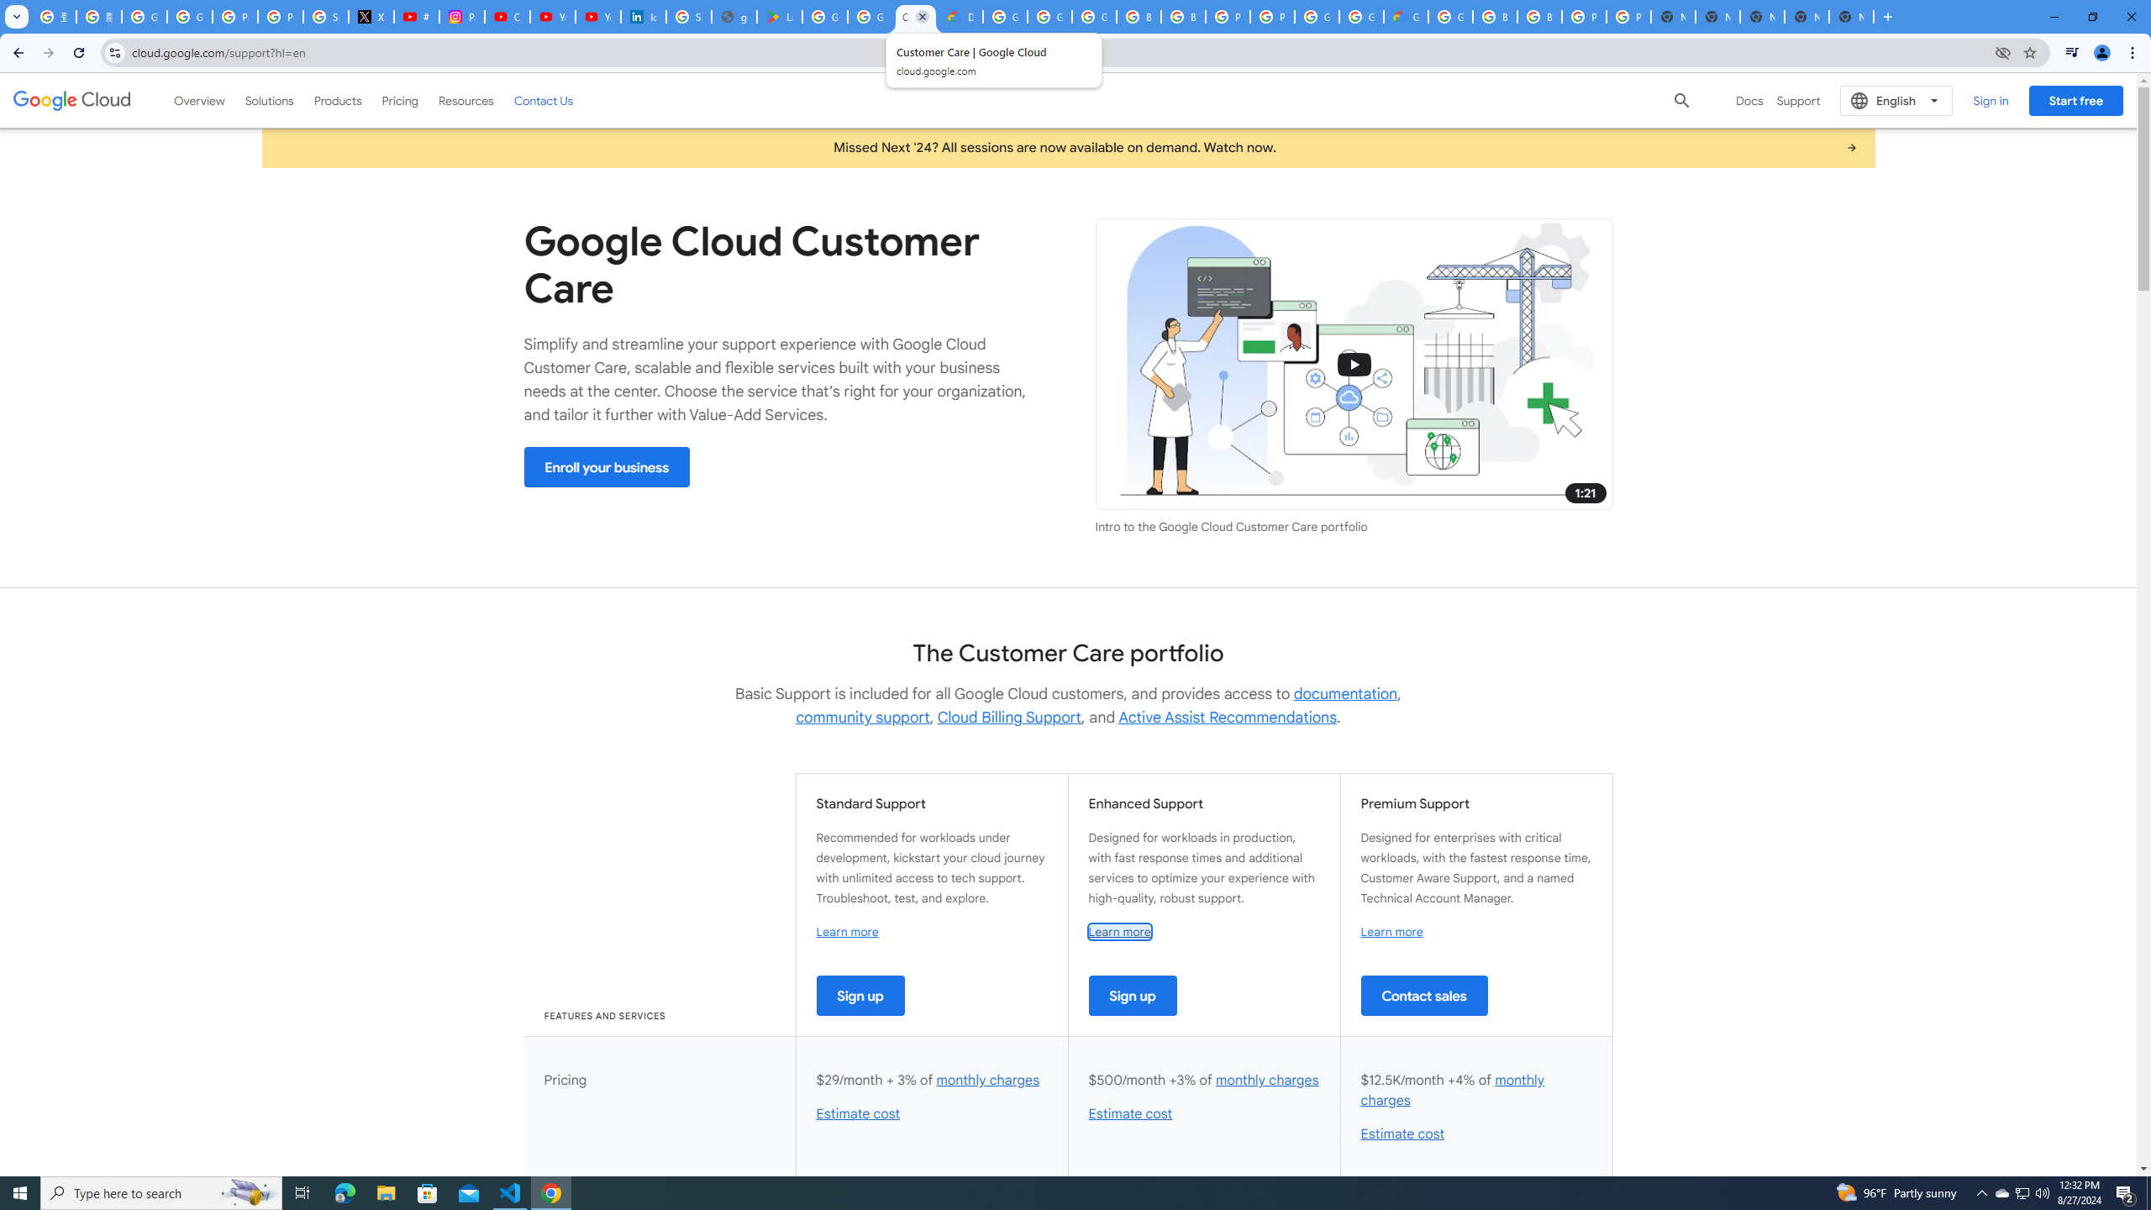  What do you see at coordinates (915, 16) in the screenshot?
I see `'Customer Care | Google Cloud'` at bounding box center [915, 16].